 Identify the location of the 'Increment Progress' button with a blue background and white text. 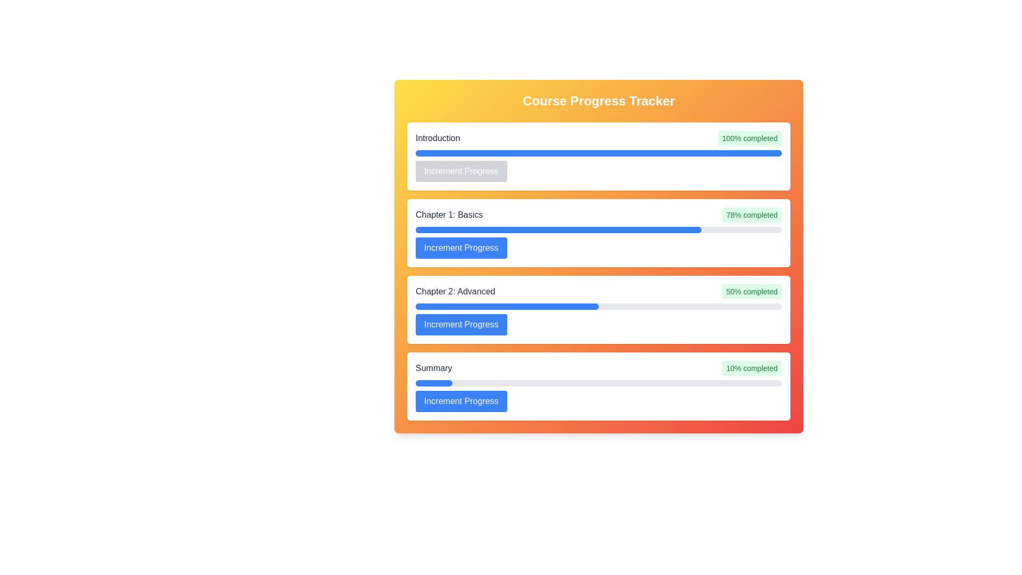
(461, 170).